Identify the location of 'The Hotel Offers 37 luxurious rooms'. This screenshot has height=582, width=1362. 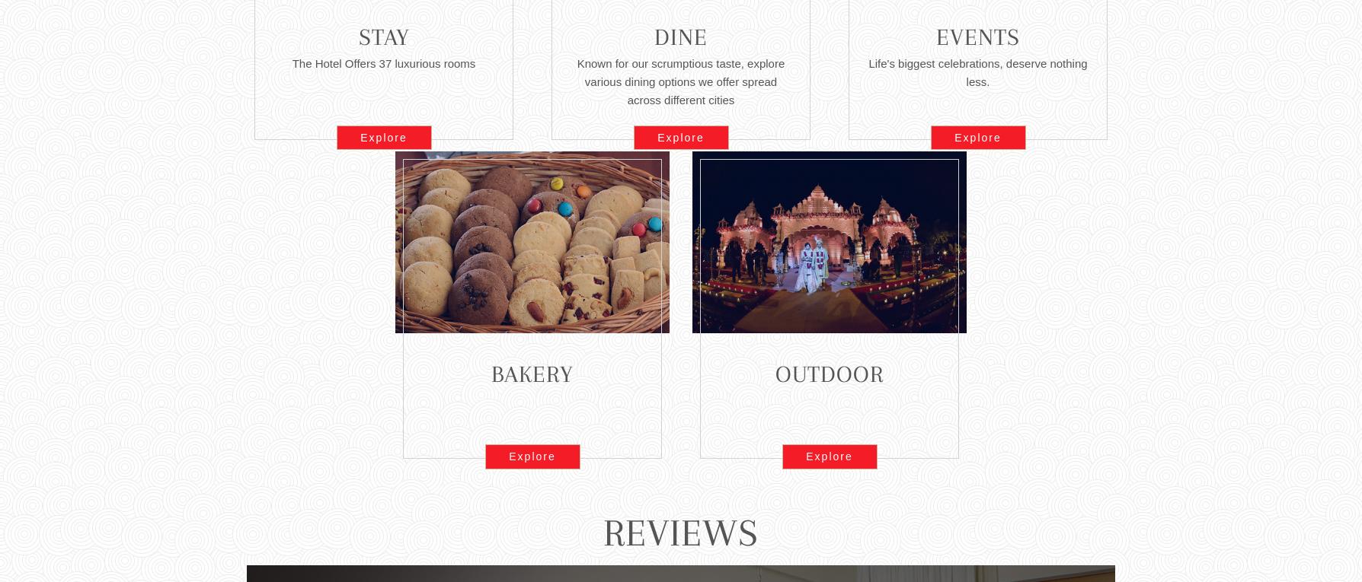
(383, 62).